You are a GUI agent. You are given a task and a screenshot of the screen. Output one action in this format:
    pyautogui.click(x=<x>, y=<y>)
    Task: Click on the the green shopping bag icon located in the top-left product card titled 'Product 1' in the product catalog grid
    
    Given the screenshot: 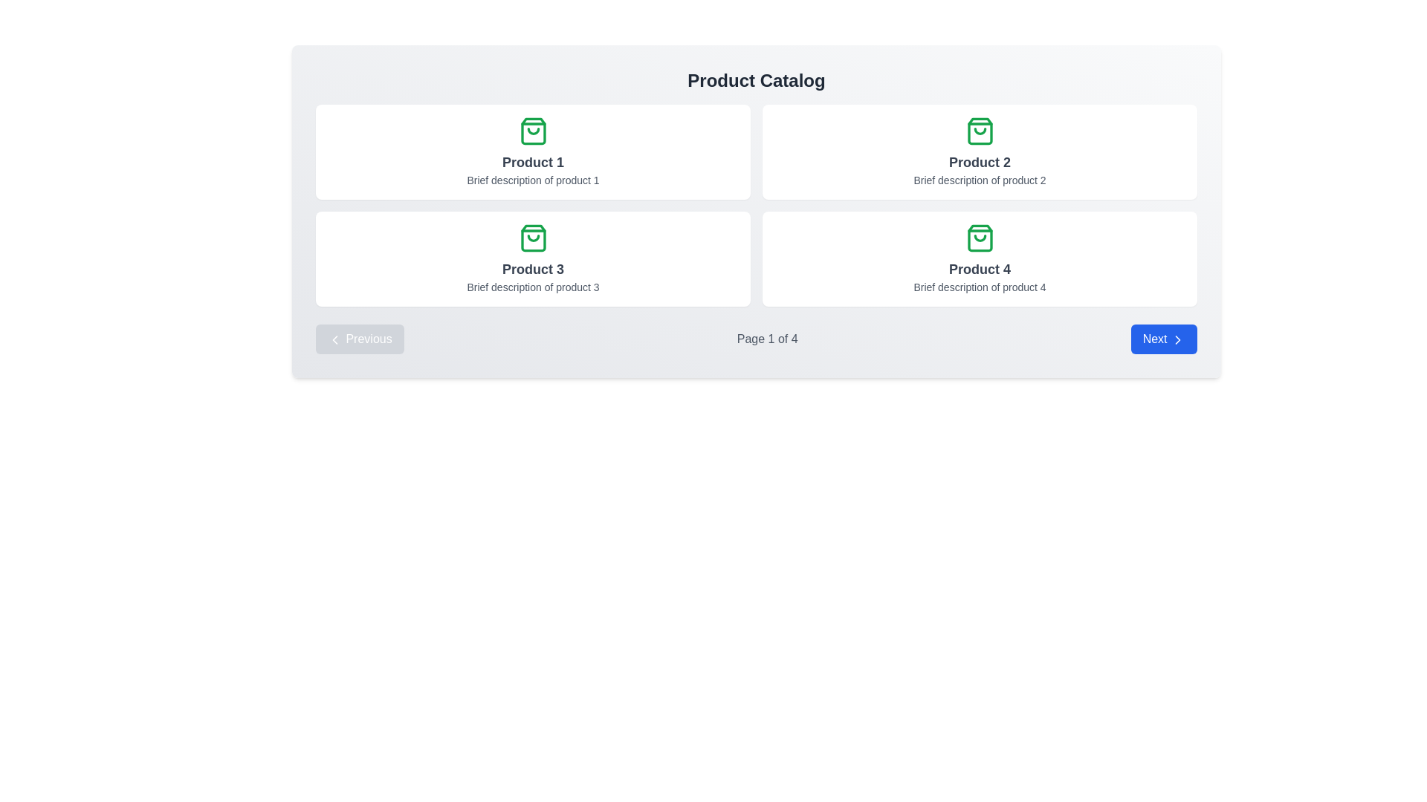 What is the action you would take?
    pyautogui.click(x=533, y=131)
    